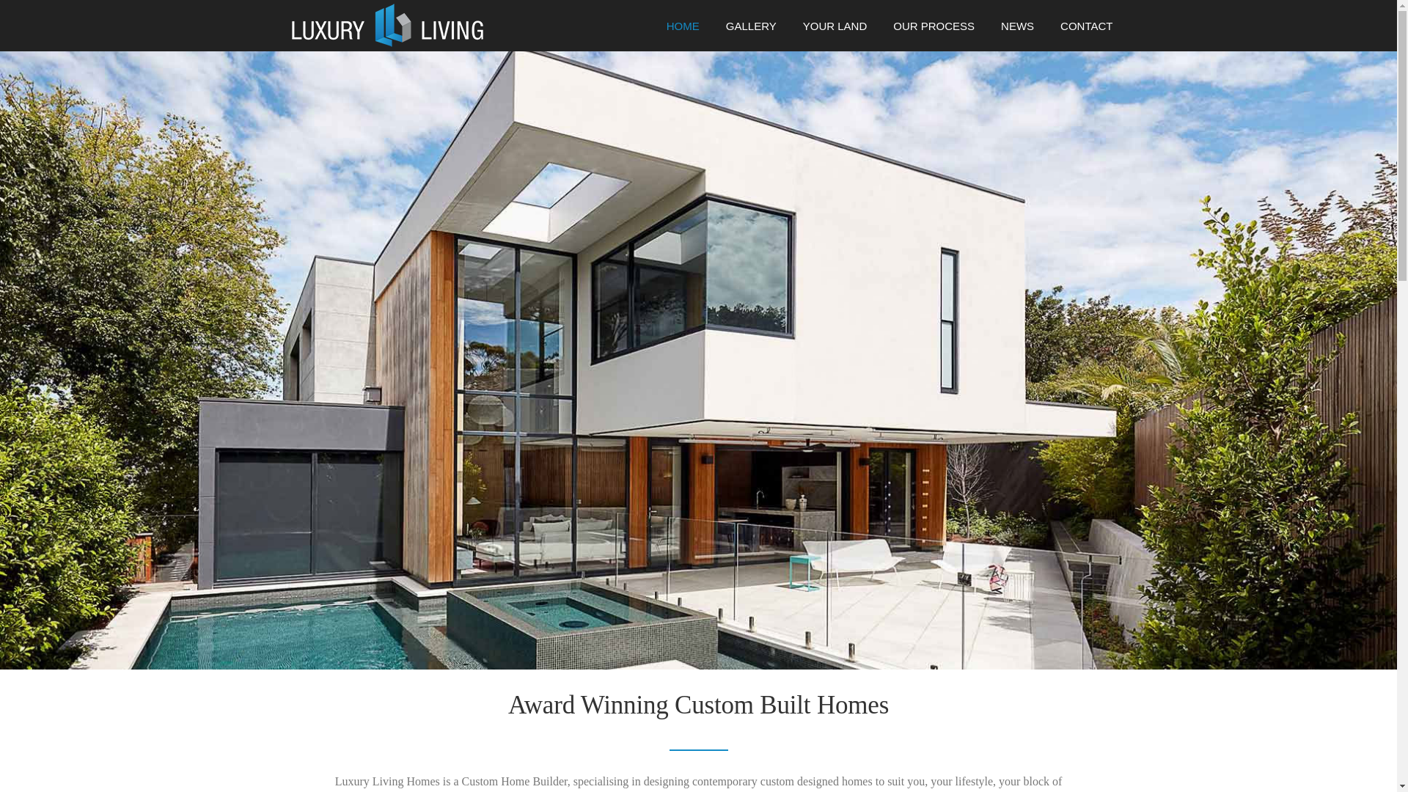  What do you see at coordinates (835, 32) in the screenshot?
I see `'YOUR LAND'` at bounding box center [835, 32].